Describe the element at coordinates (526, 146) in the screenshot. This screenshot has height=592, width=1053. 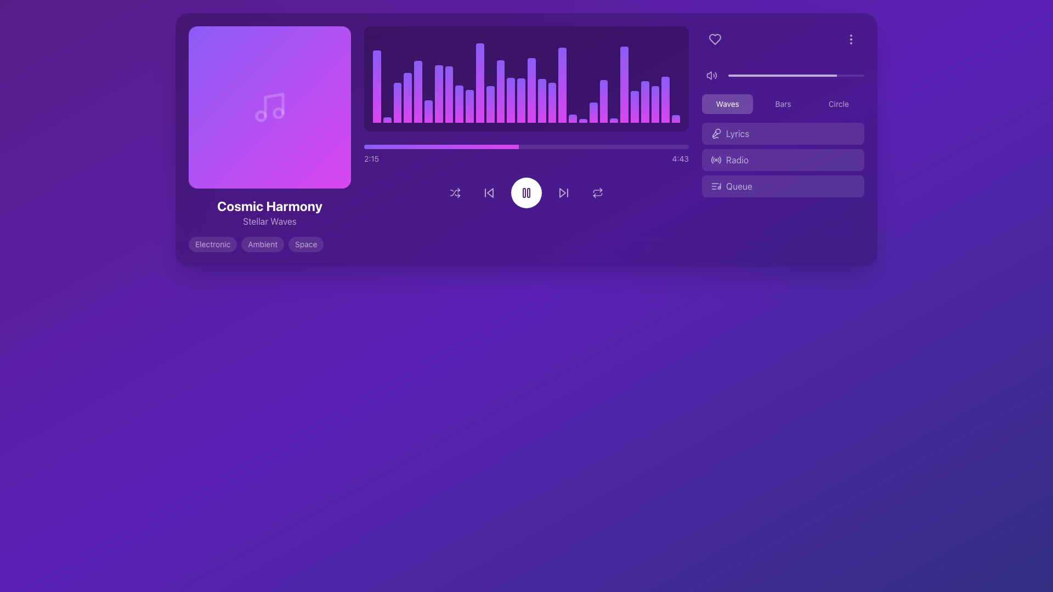
I see `the horizontal progress bar located in the middle section of the interface to seek` at that location.